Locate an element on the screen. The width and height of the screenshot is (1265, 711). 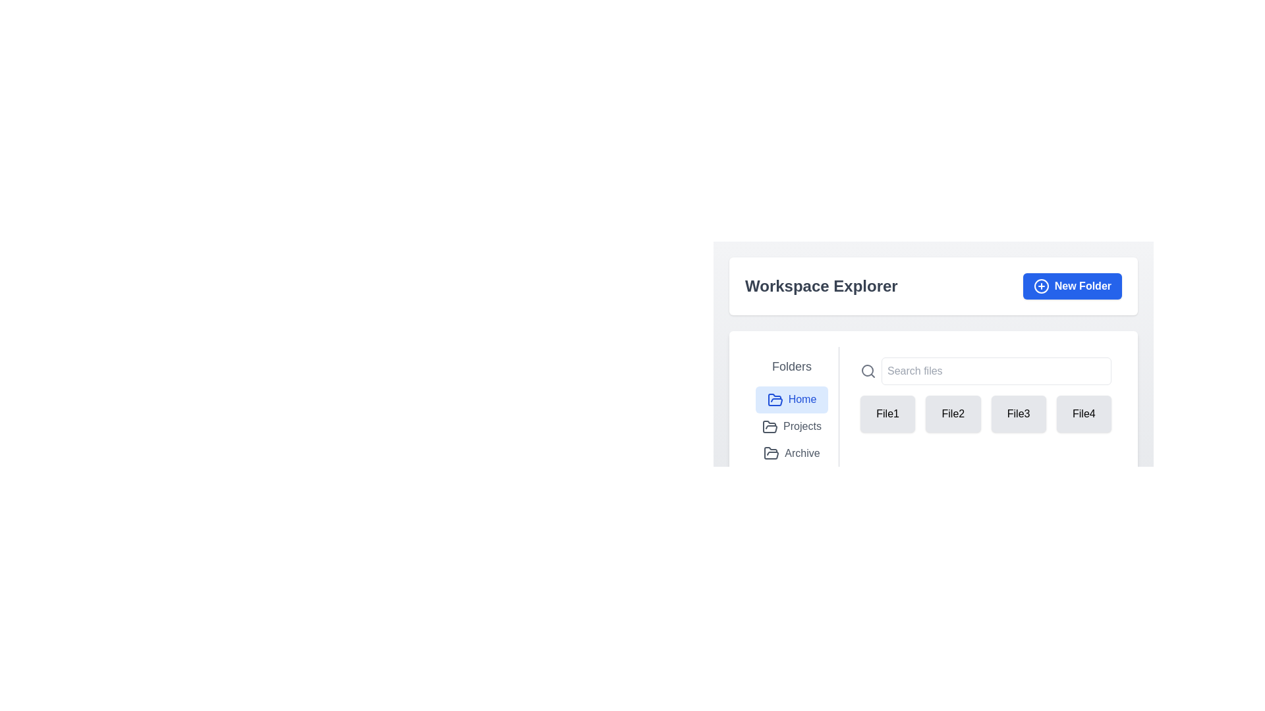
the 'File2' button, which is a rectangular button with rounded corners and centered black text on a light gray background is located at coordinates (953, 413).